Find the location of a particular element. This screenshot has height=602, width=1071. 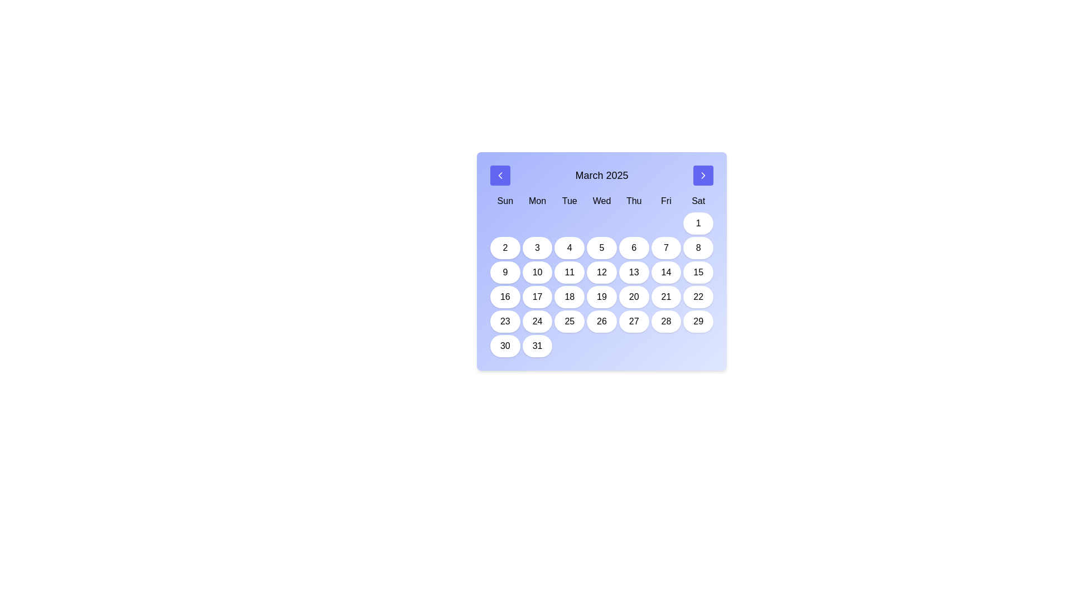

the navigation button with an icon located at the top-right corner of the calendar interface to move to the next month is located at coordinates (703, 176).